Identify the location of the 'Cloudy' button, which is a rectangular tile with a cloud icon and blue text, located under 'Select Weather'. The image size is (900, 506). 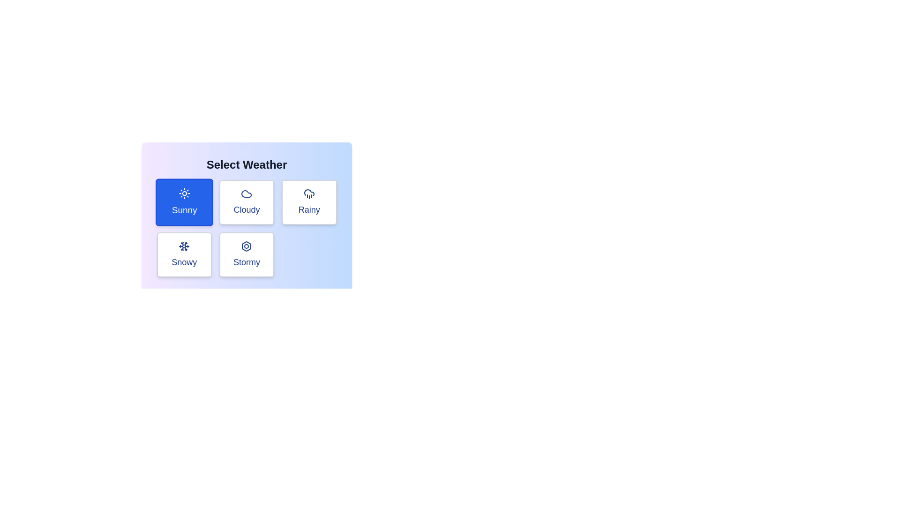
(247, 202).